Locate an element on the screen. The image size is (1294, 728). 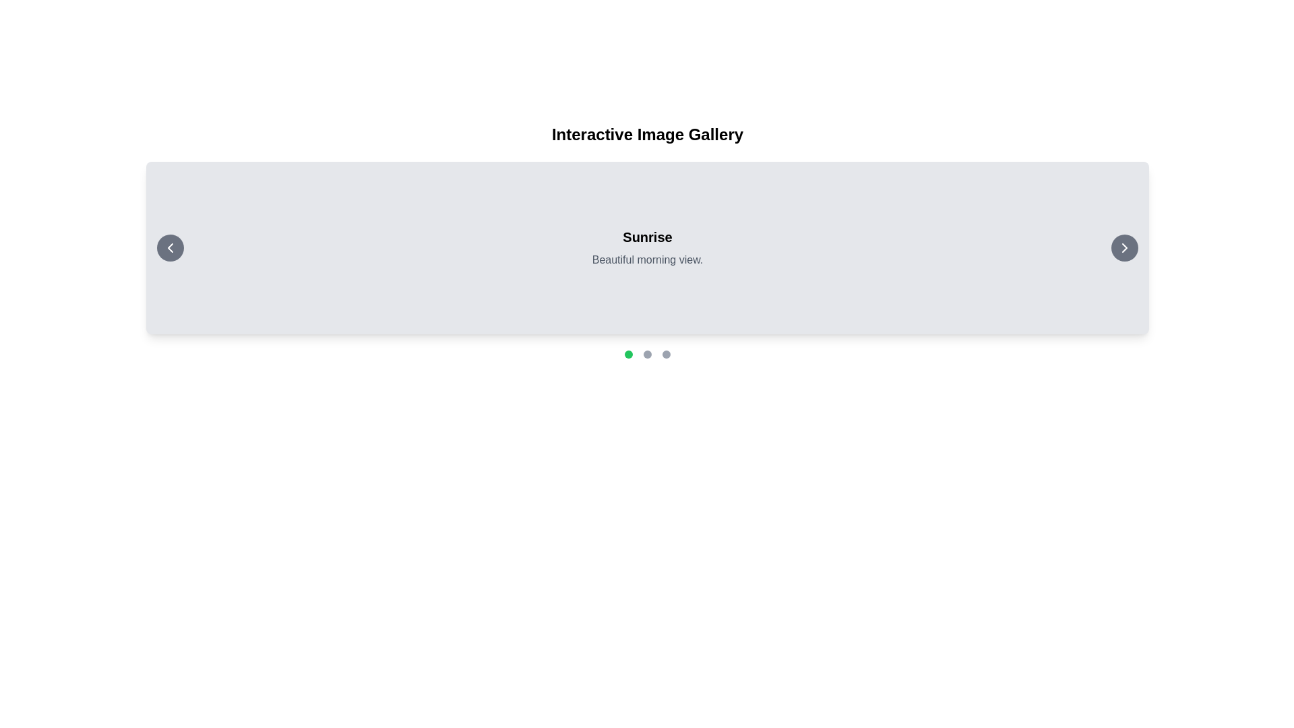
the middle gray circular indicator of the pagination row is located at coordinates (647, 353).